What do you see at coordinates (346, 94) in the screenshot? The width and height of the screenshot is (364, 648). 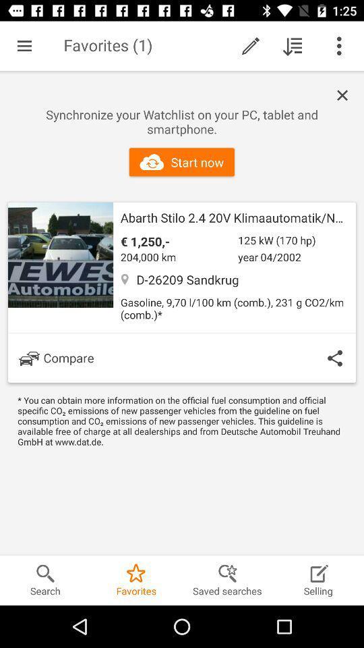 I see `hide advertisement` at bounding box center [346, 94].